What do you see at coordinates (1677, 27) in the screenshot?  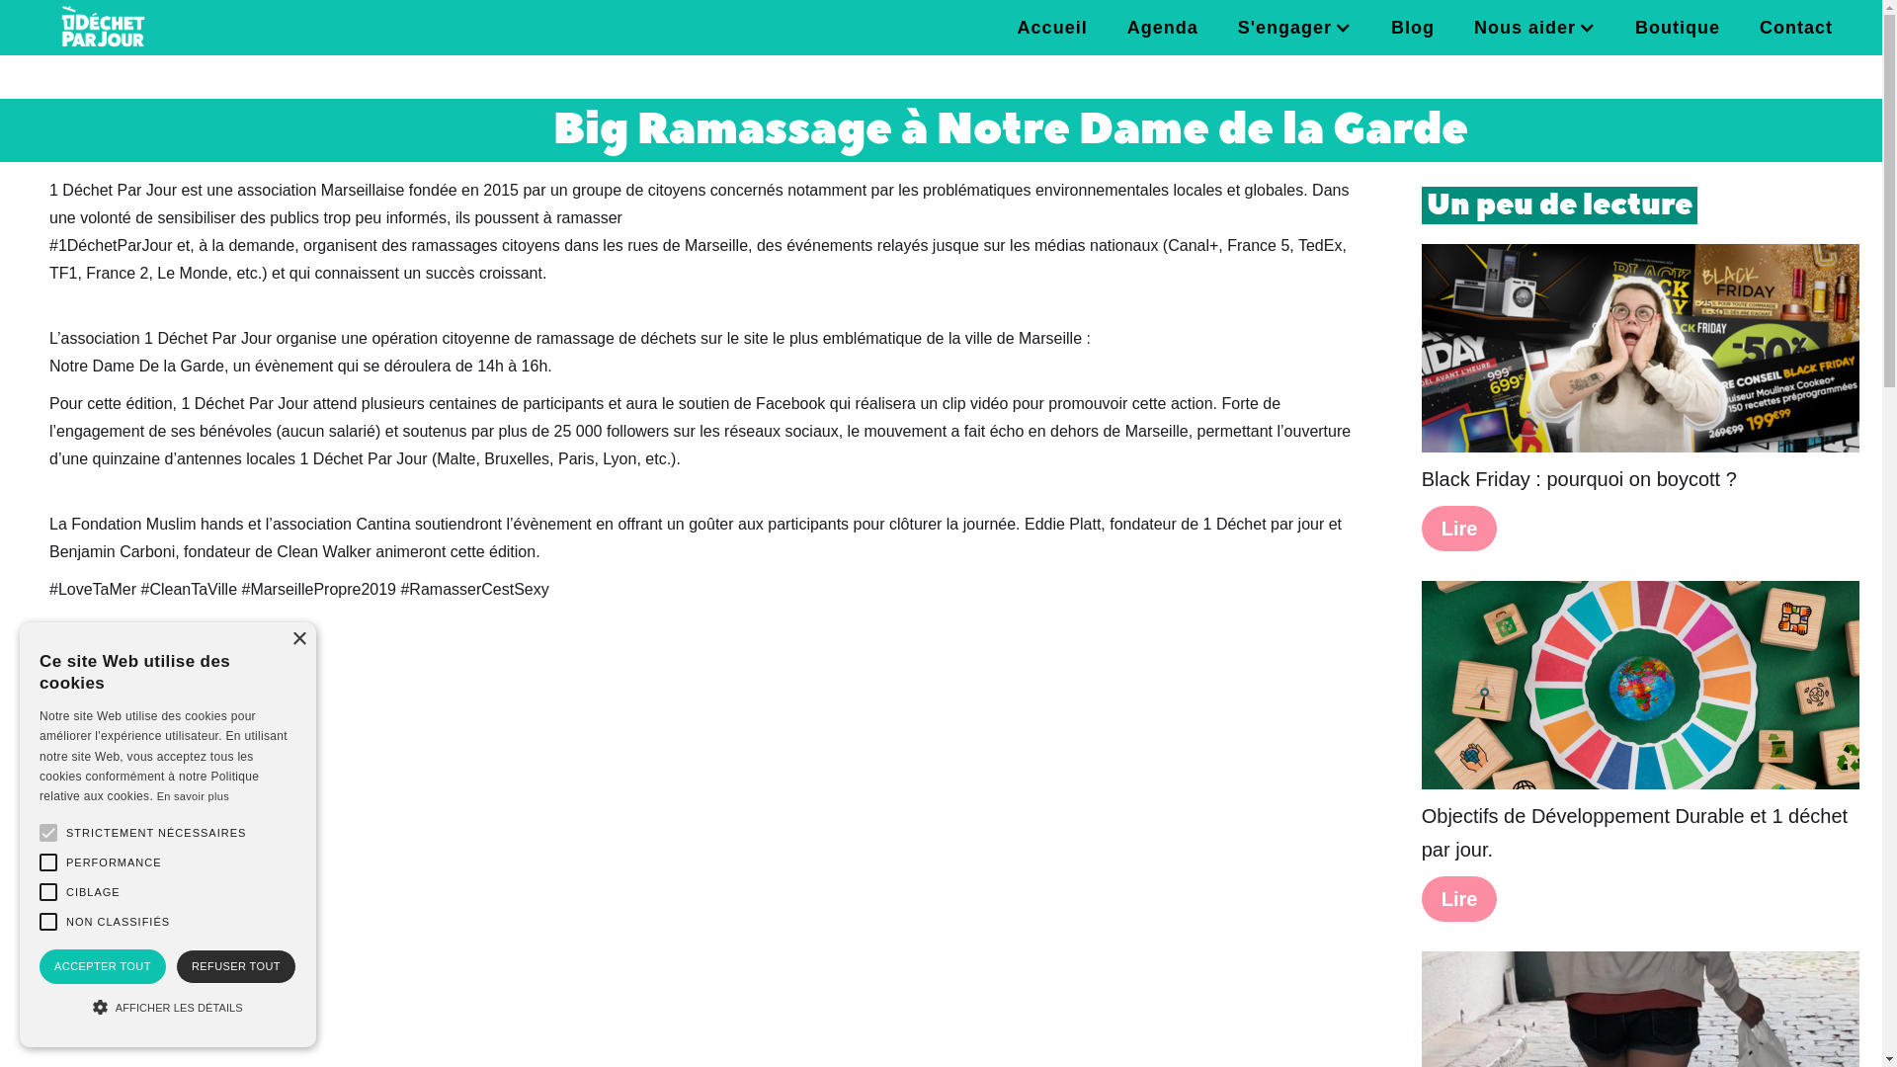 I see `'Boutique'` at bounding box center [1677, 27].